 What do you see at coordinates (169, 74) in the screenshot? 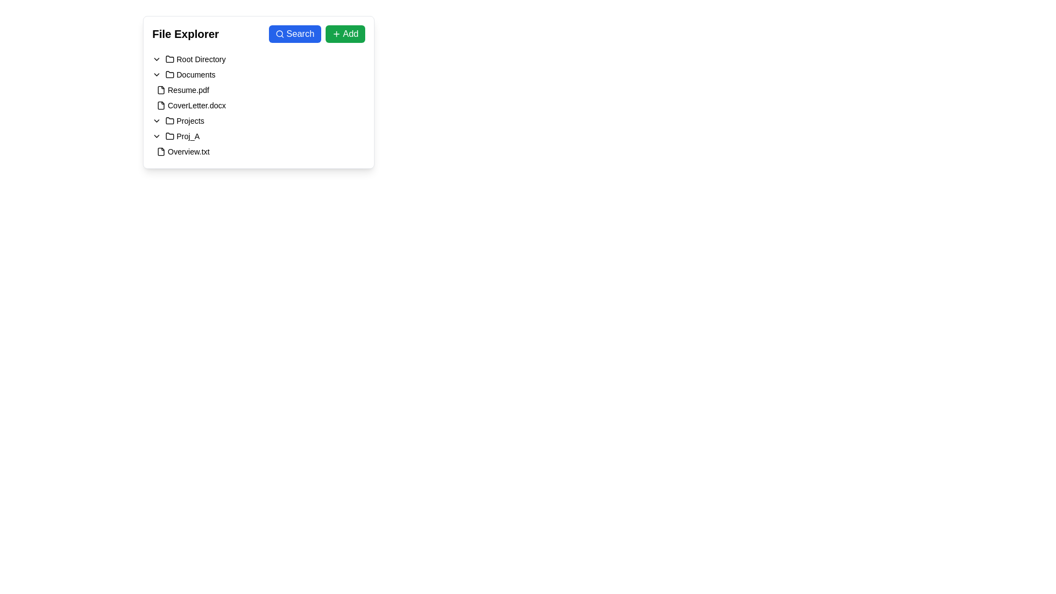
I see `the folder icon located in the left panel under the 'File Explorer' heading, next to the 'Documents' text label` at bounding box center [169, 74].